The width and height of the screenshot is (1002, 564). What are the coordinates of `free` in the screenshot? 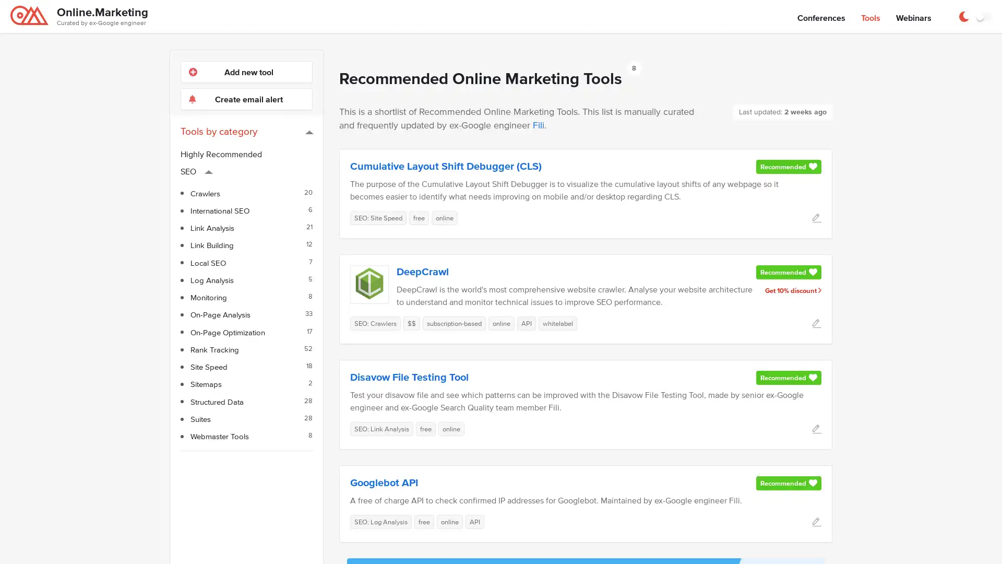 It's located at (419, 217).